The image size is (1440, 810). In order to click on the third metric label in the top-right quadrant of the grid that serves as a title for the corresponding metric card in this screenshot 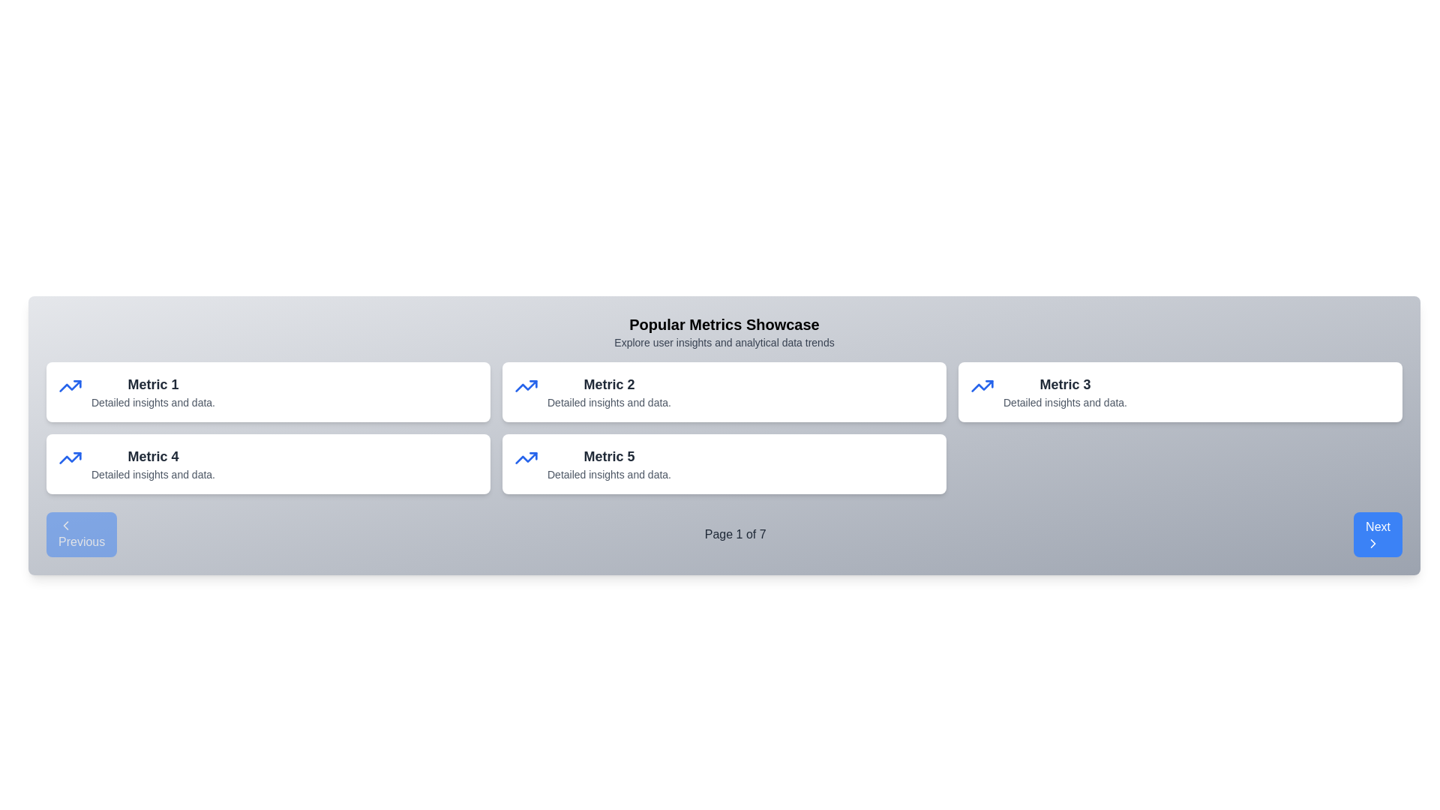, I will do `click(1064, 384)`.